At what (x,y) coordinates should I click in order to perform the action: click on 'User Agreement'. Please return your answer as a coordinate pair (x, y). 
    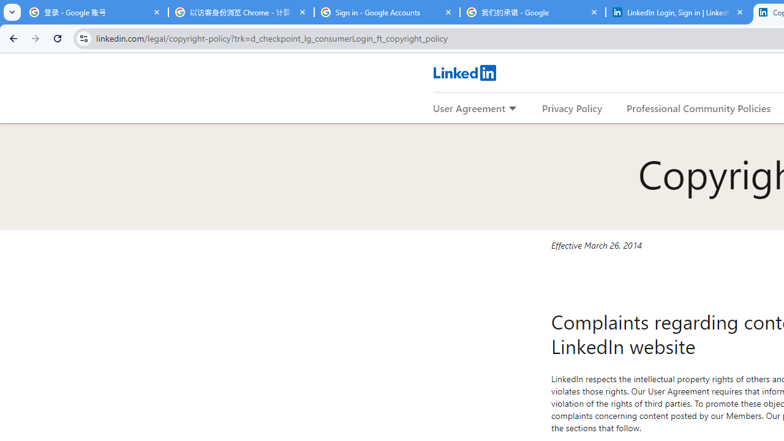
    Looking at the image, I should click on (469, 107).